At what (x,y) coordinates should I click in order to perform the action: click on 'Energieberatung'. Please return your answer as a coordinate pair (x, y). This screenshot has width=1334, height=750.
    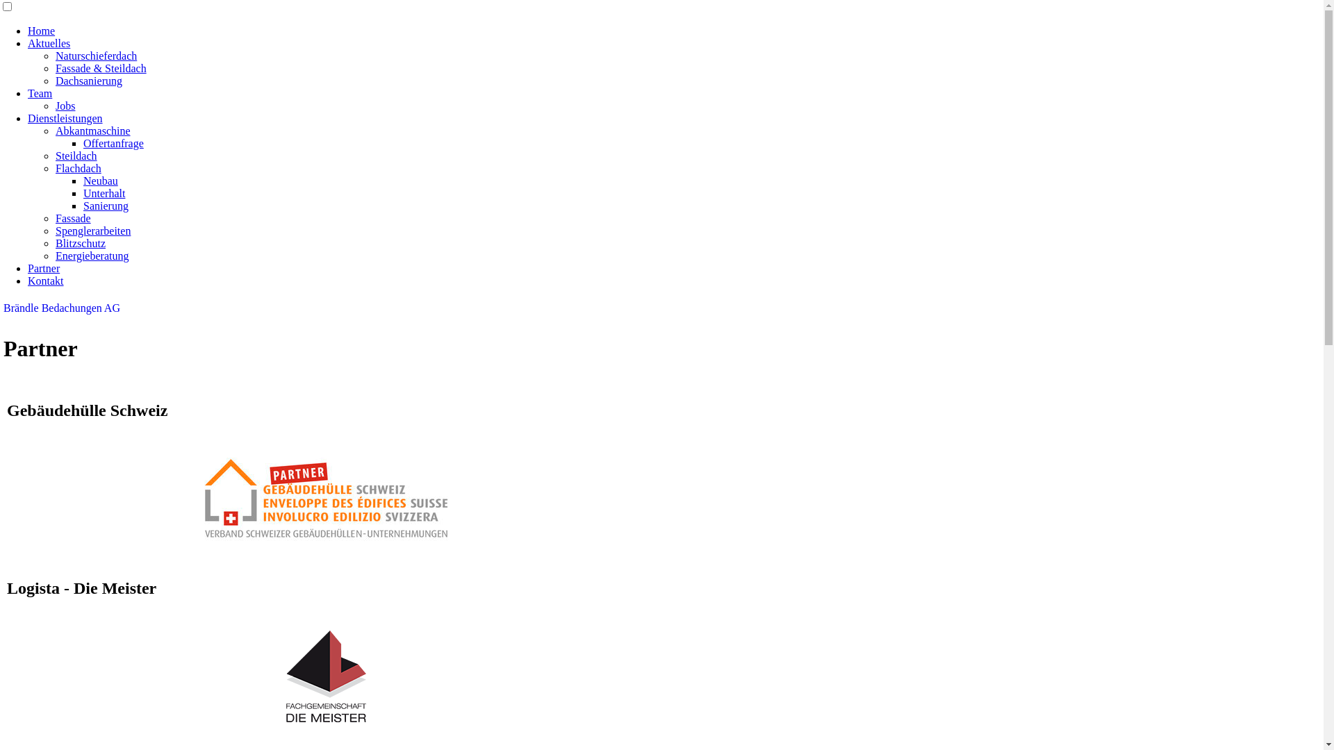
    Looking at the image, I should click on (91, 256).